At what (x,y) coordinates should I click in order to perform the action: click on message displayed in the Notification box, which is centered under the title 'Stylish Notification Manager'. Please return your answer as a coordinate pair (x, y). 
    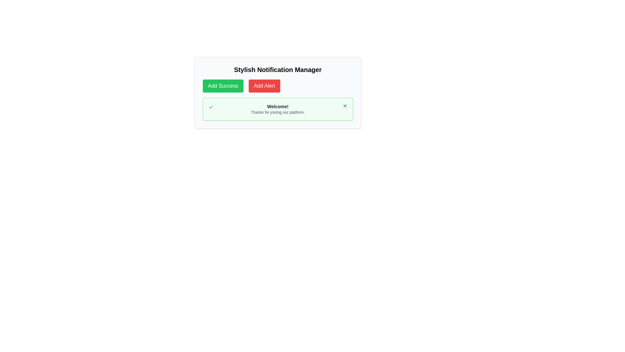
    Looking at the image, I should click on (278, 109).